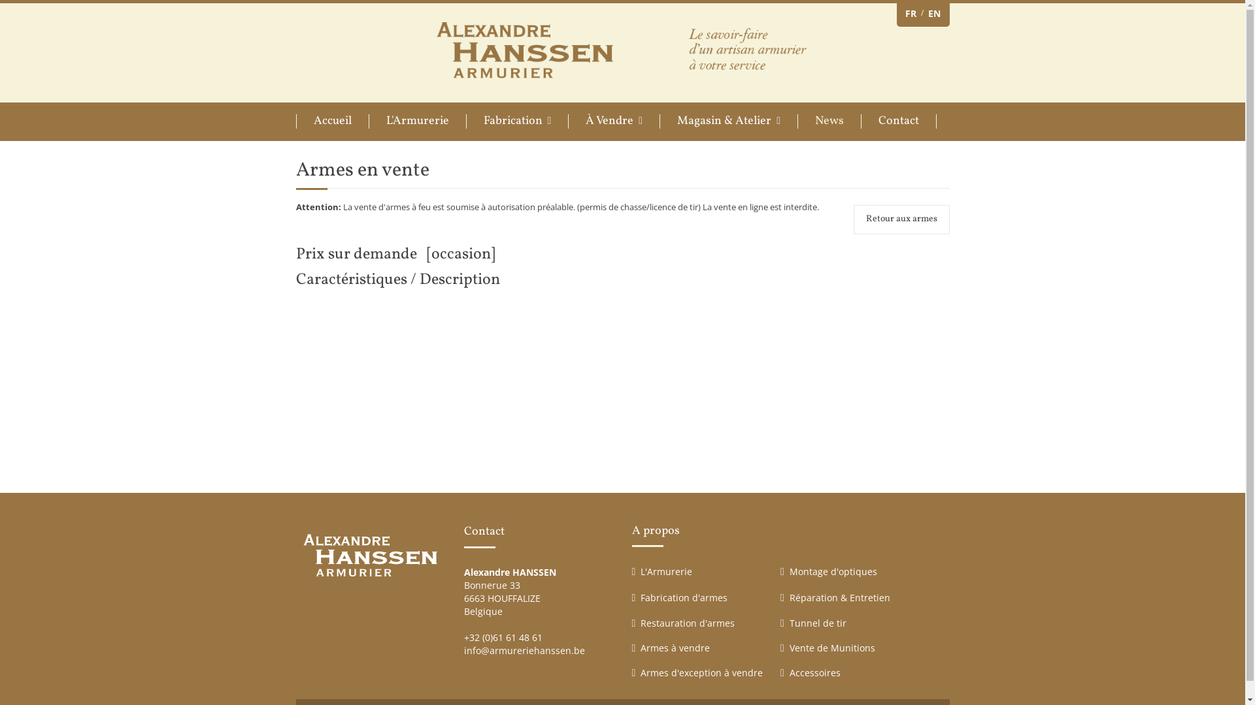  I want to click on 'Retour aux armes', so click(853, 218).